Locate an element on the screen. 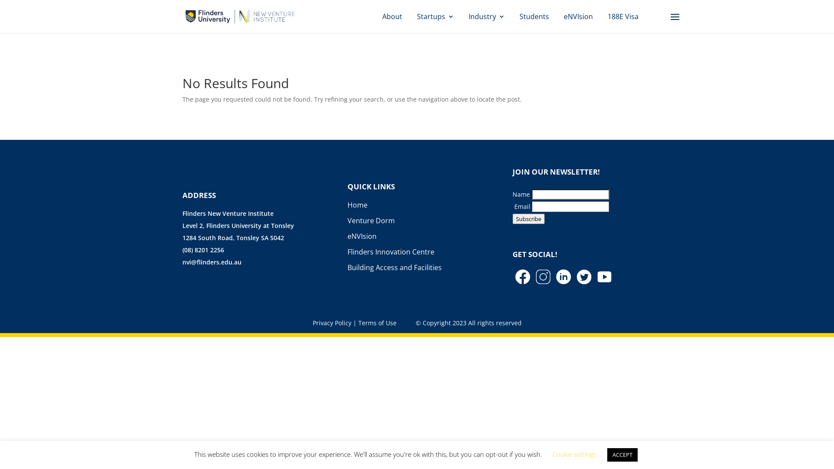  'Building Access and Facilities' is located at coordinates (394, 267).